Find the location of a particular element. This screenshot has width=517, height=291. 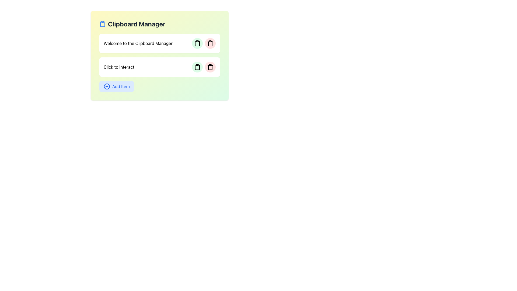

the clipboard icon button located on the right side of the first listed item is located at coordinates (197, 43).